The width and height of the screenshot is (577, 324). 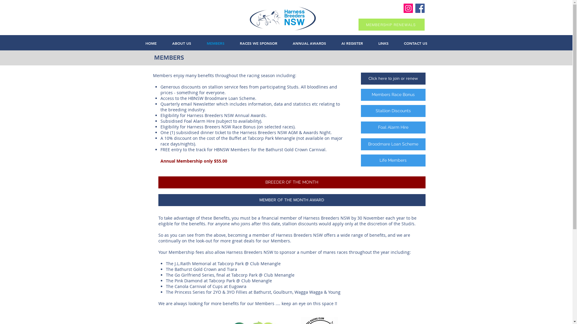 What do you see at coordinates (292, 200) in the screenshot?
I see `'MEMBER OF THE MONTH AWARD'` at bounding box center [292, 200].